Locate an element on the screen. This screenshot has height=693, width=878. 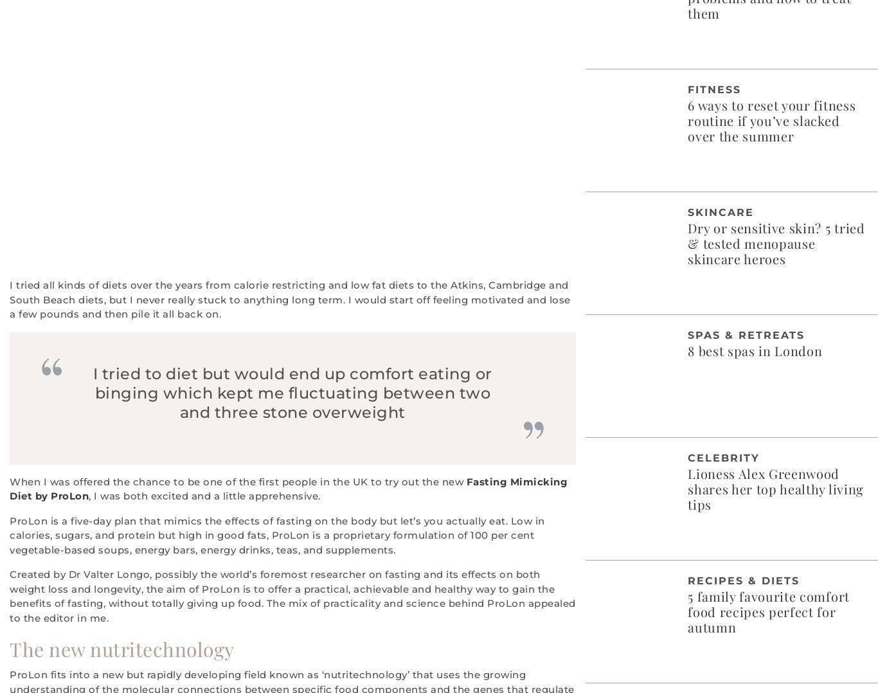
'I tried all kinds of diets over the years from calorie restricting and low fat diets to the Atkins, Cambridge and South Beach diets, but I never really stuck to anything long term. I would start off feeling motivated and lose a few pounds and then pile it all back on.' is located at coordinates (289, 299).